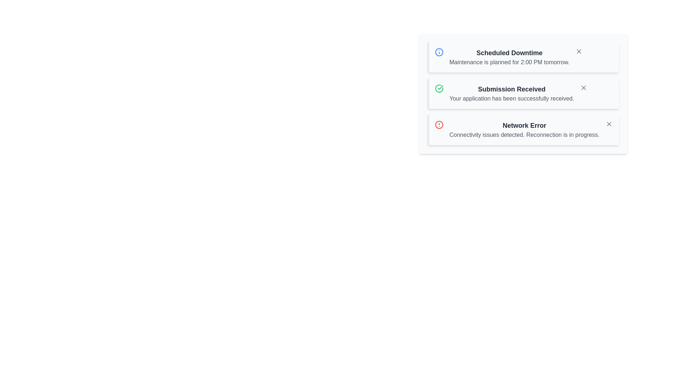  What do you see at coordinates (439, 52) in the screenshot?
I see `the icon located on the far left of the topmost card titled 'Scheduled Downtime' in the vertical list of notifications` at bounding box center [439, 52].